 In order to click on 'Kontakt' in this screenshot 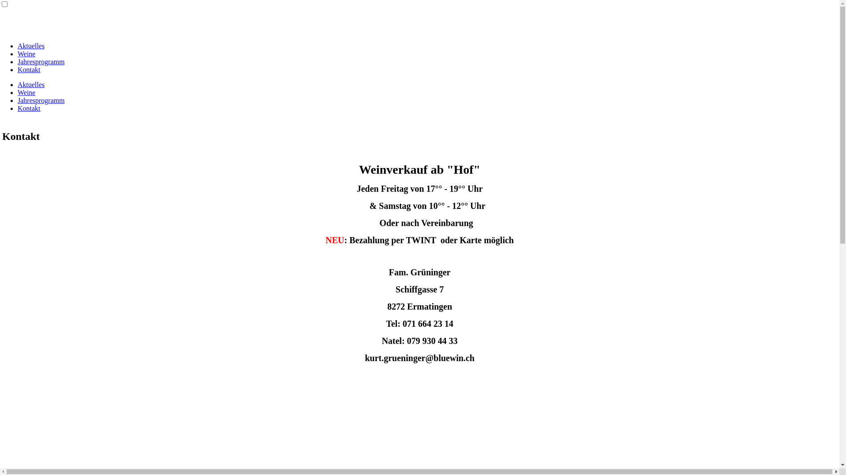, I will do `click(29, 69)`.